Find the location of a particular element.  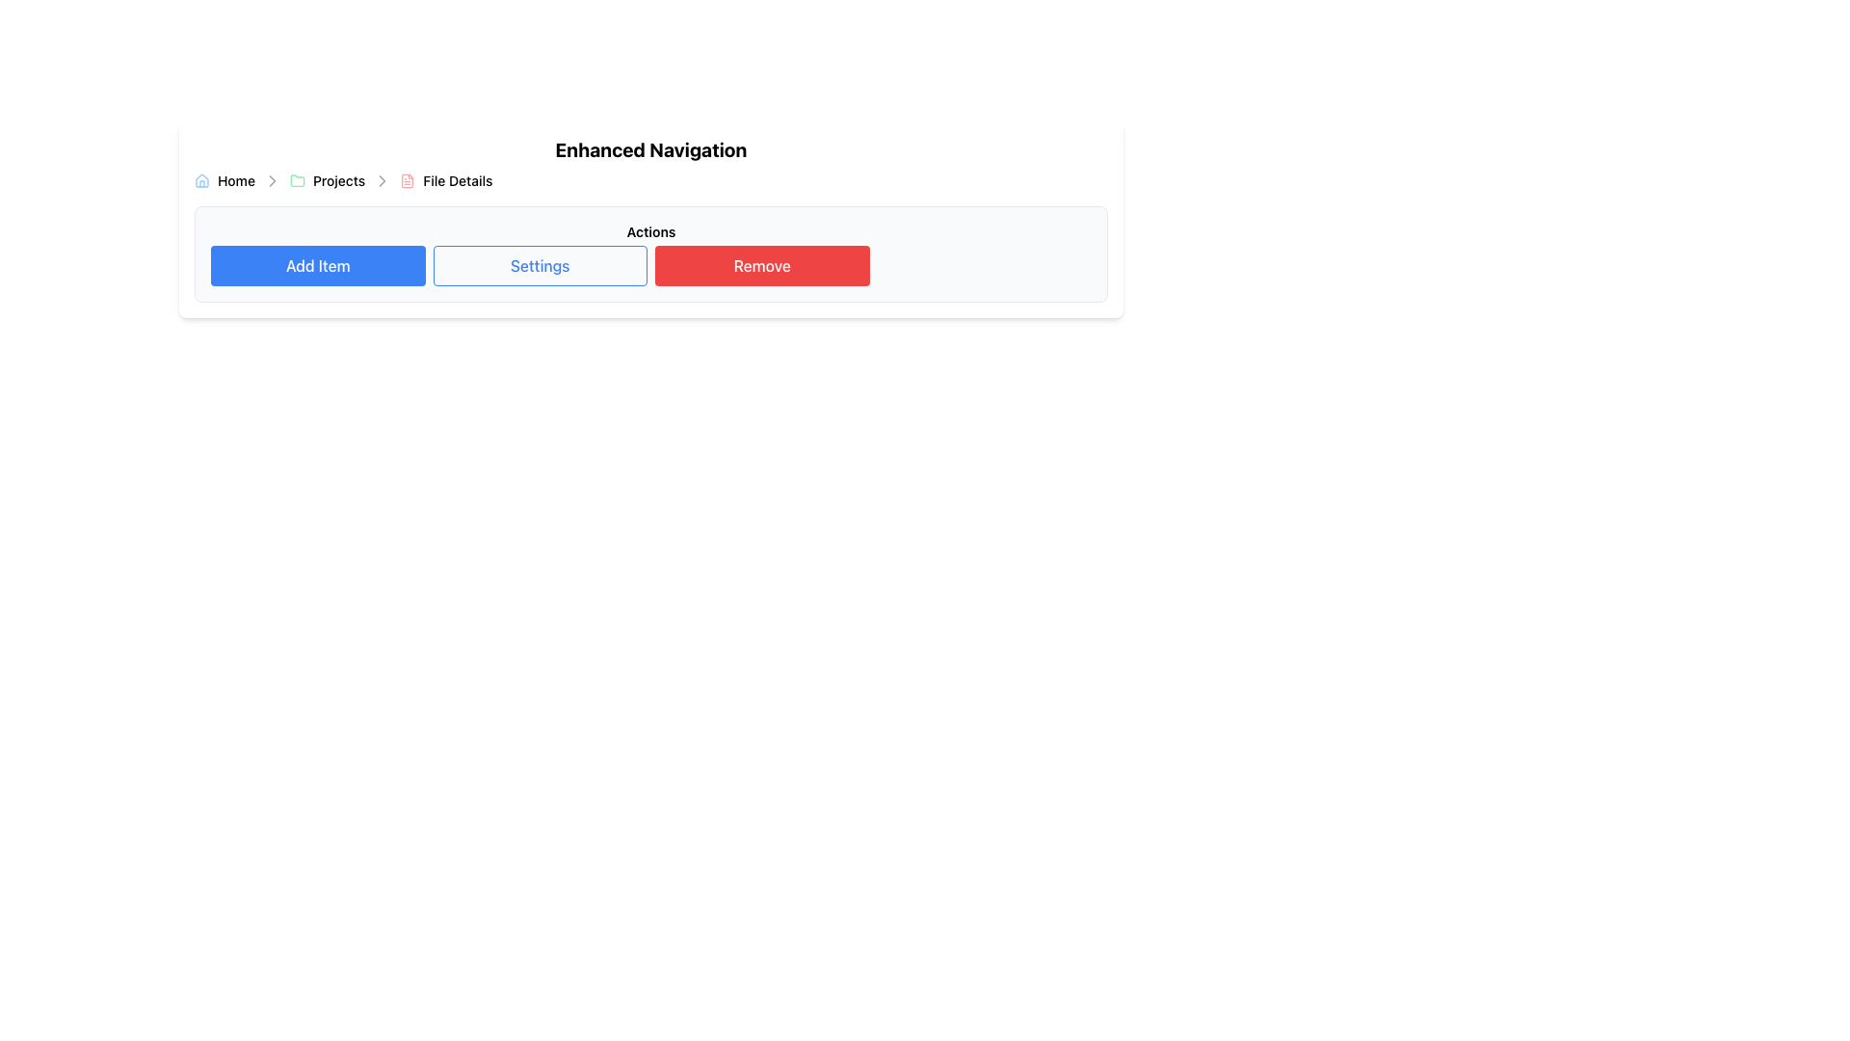

the 'Home' icon in the Breadcrumb Navigation Item is located at coordinates (225, 181).